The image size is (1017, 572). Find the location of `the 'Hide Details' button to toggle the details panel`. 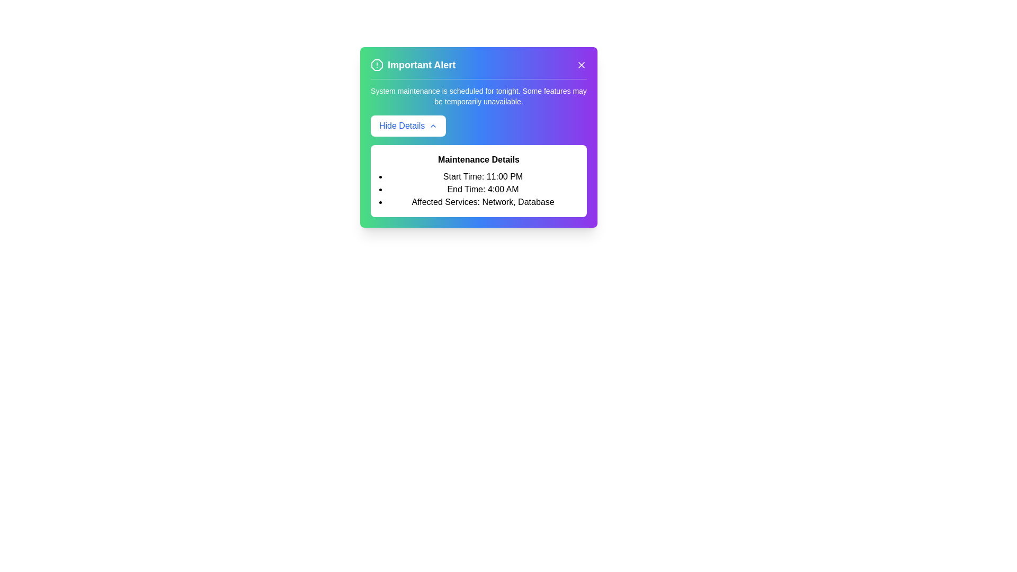

the 'Hide Details' button to toggle the details panel is located at coordinates (408, 126).